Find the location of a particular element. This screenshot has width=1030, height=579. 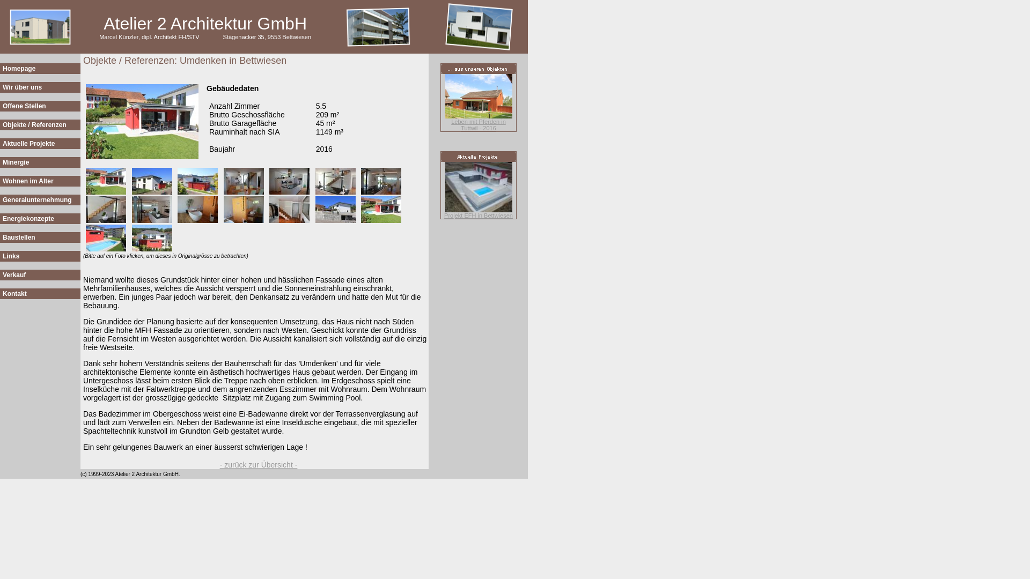

'Objekte / Referenzen' is located at coordinates (2, 124).